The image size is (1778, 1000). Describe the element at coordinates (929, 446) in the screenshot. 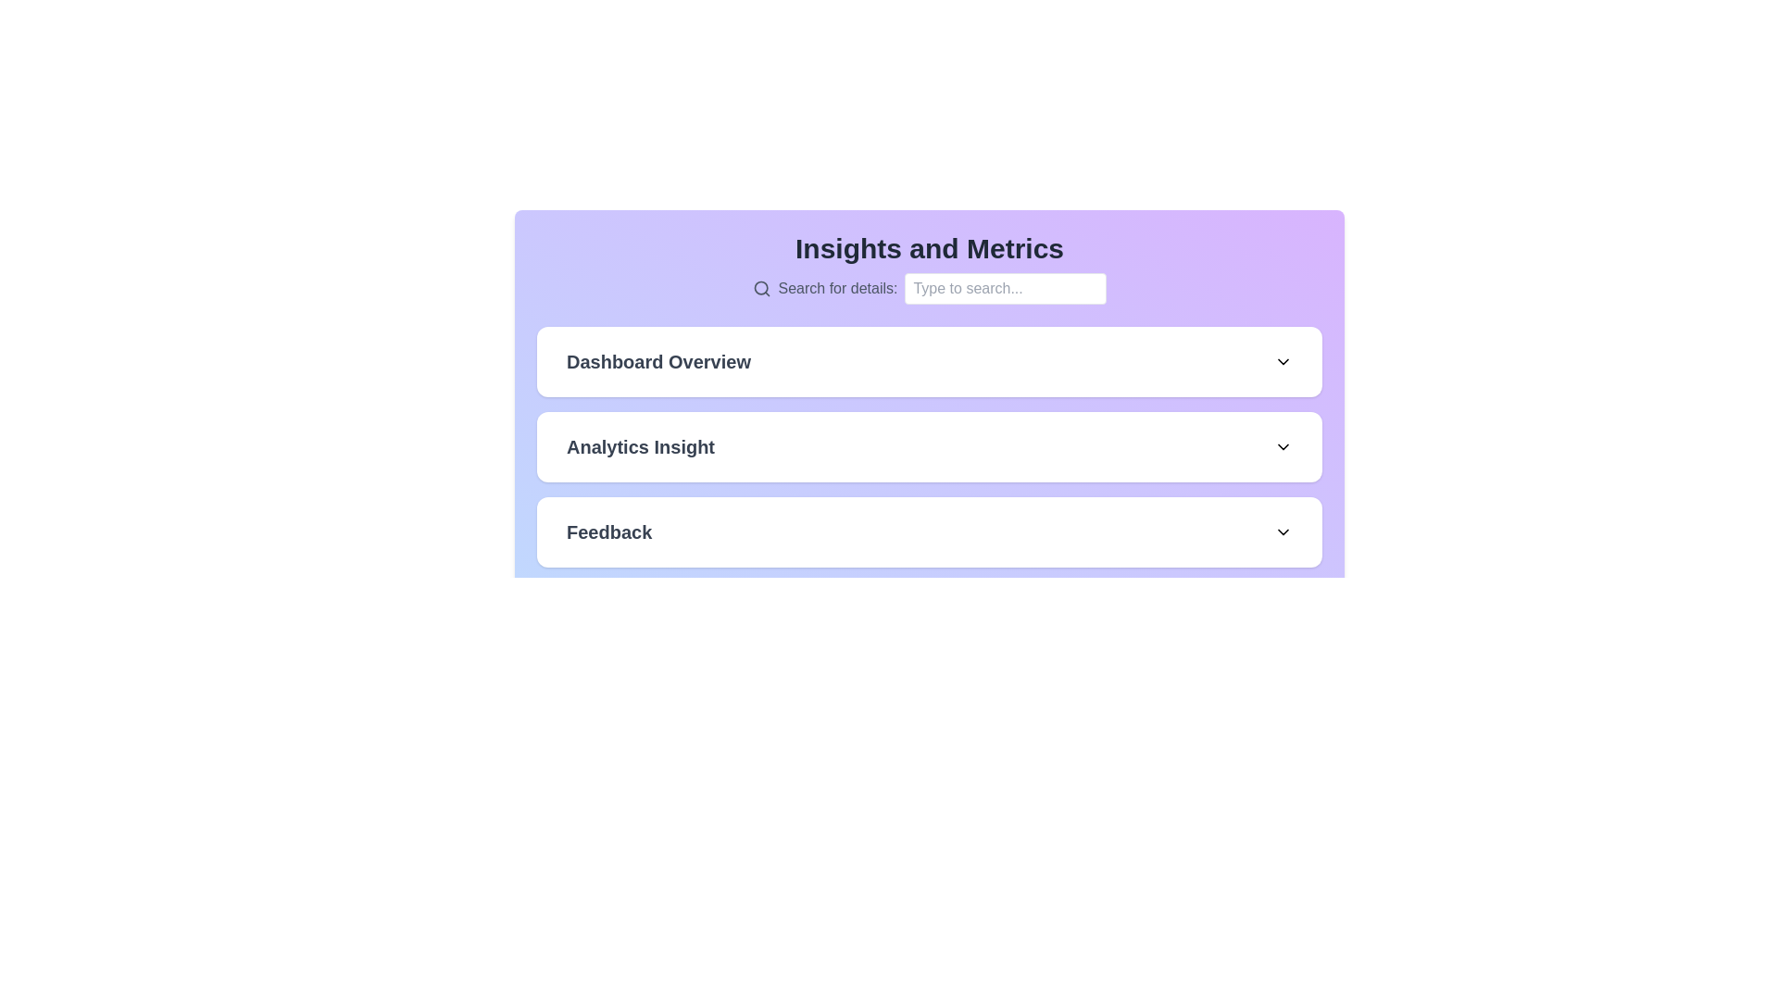

I see `the 'Analytics Insight' button-like UI component` at that location.